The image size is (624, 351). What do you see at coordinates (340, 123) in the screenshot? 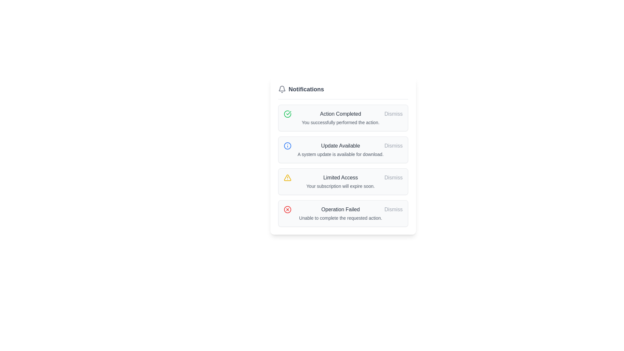
I see `the Text Display element that confirms the successful completion of an action, located beneath the bolded title 'Action Completed' in the notification card` at bounding box center [340, 123].